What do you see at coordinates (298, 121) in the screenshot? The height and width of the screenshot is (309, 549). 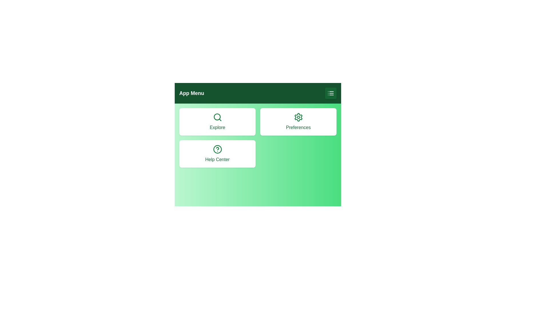 I see `the 'Preferences' button to select it` at bounding box center [298, 121].